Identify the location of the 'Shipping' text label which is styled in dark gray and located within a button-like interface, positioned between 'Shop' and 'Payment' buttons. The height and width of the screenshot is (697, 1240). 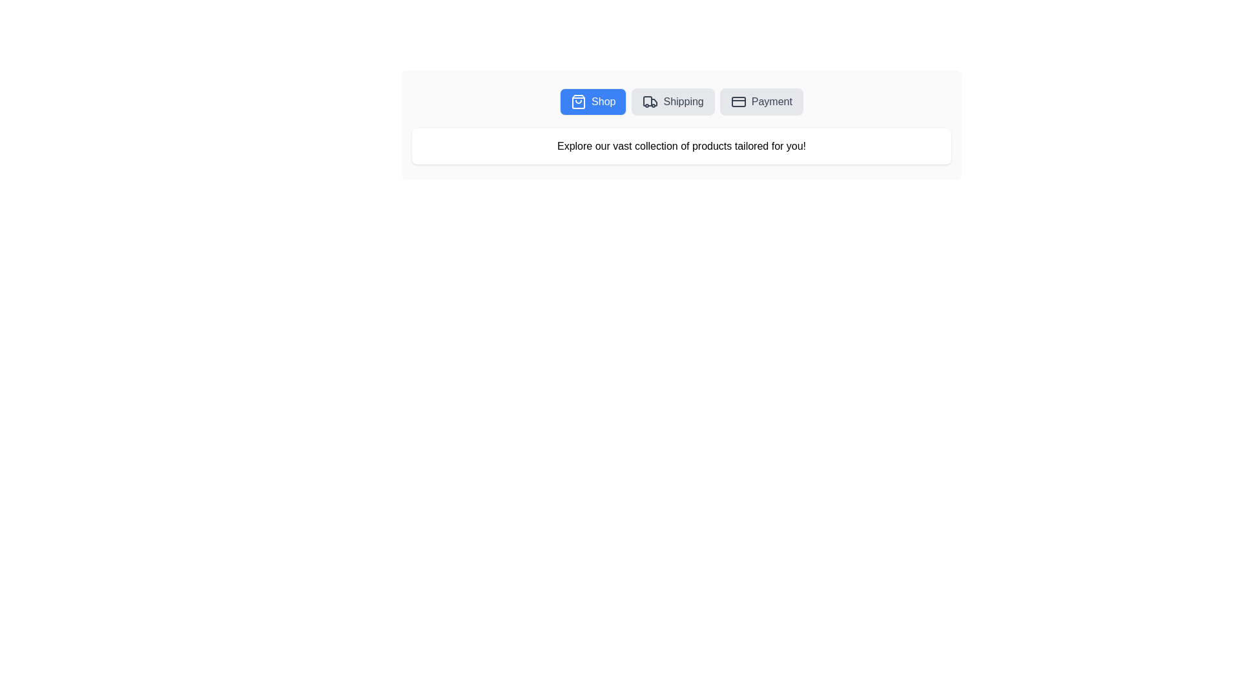
(683, 101).